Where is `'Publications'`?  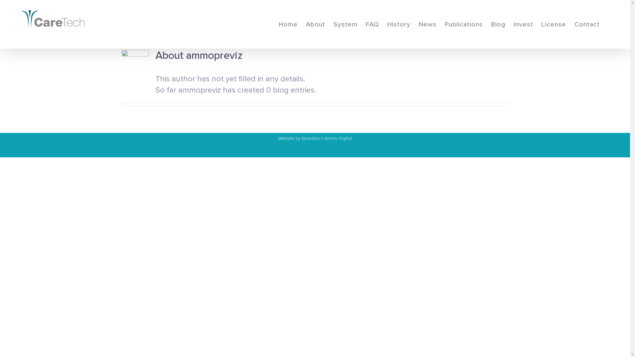
'Publications' is located at coordinates (463, 24).